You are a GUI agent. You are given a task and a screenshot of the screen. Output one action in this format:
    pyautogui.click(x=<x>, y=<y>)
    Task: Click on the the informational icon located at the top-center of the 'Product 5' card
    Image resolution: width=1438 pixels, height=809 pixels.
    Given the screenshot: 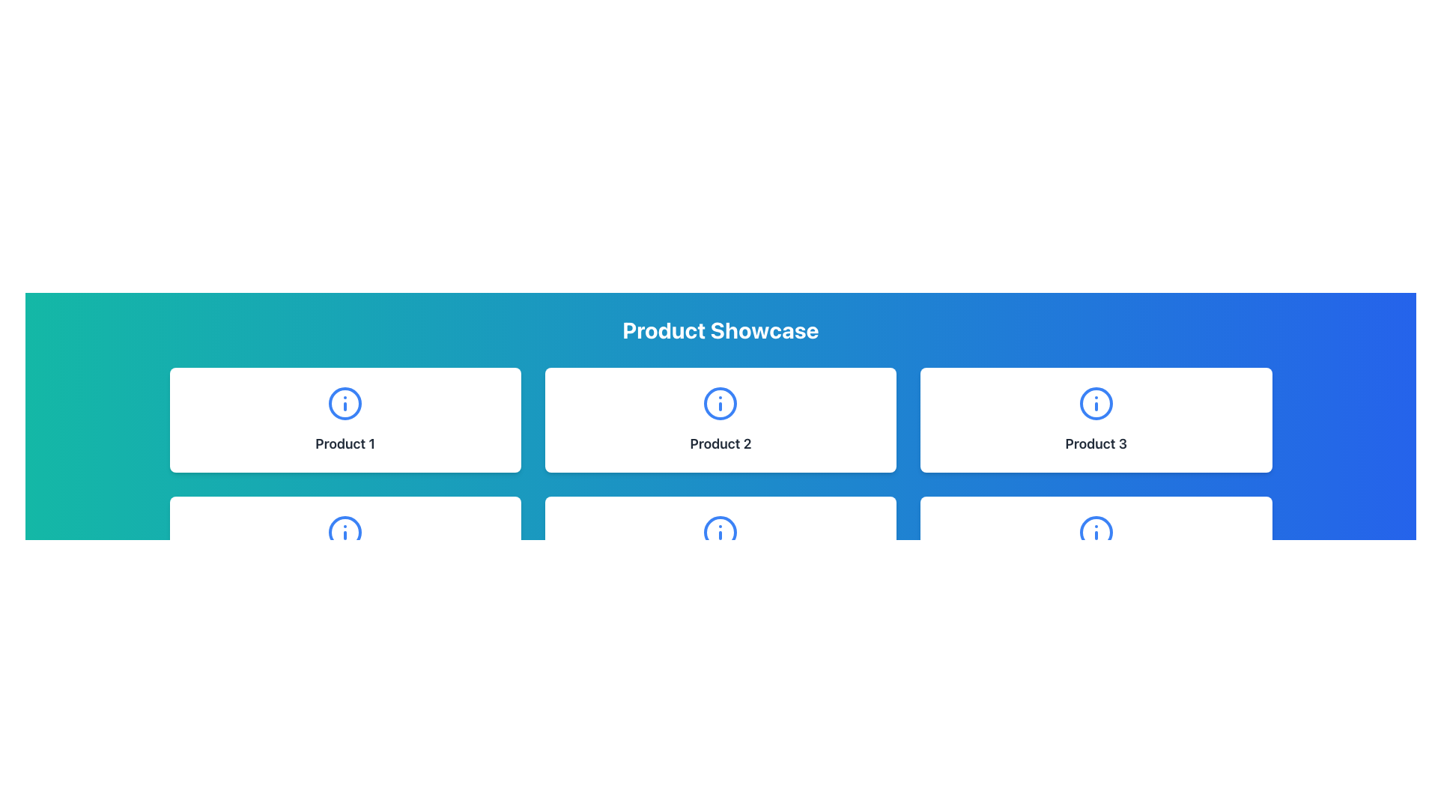 What is the action you would take?
    pyautogui.click(x=720, y=531)
    